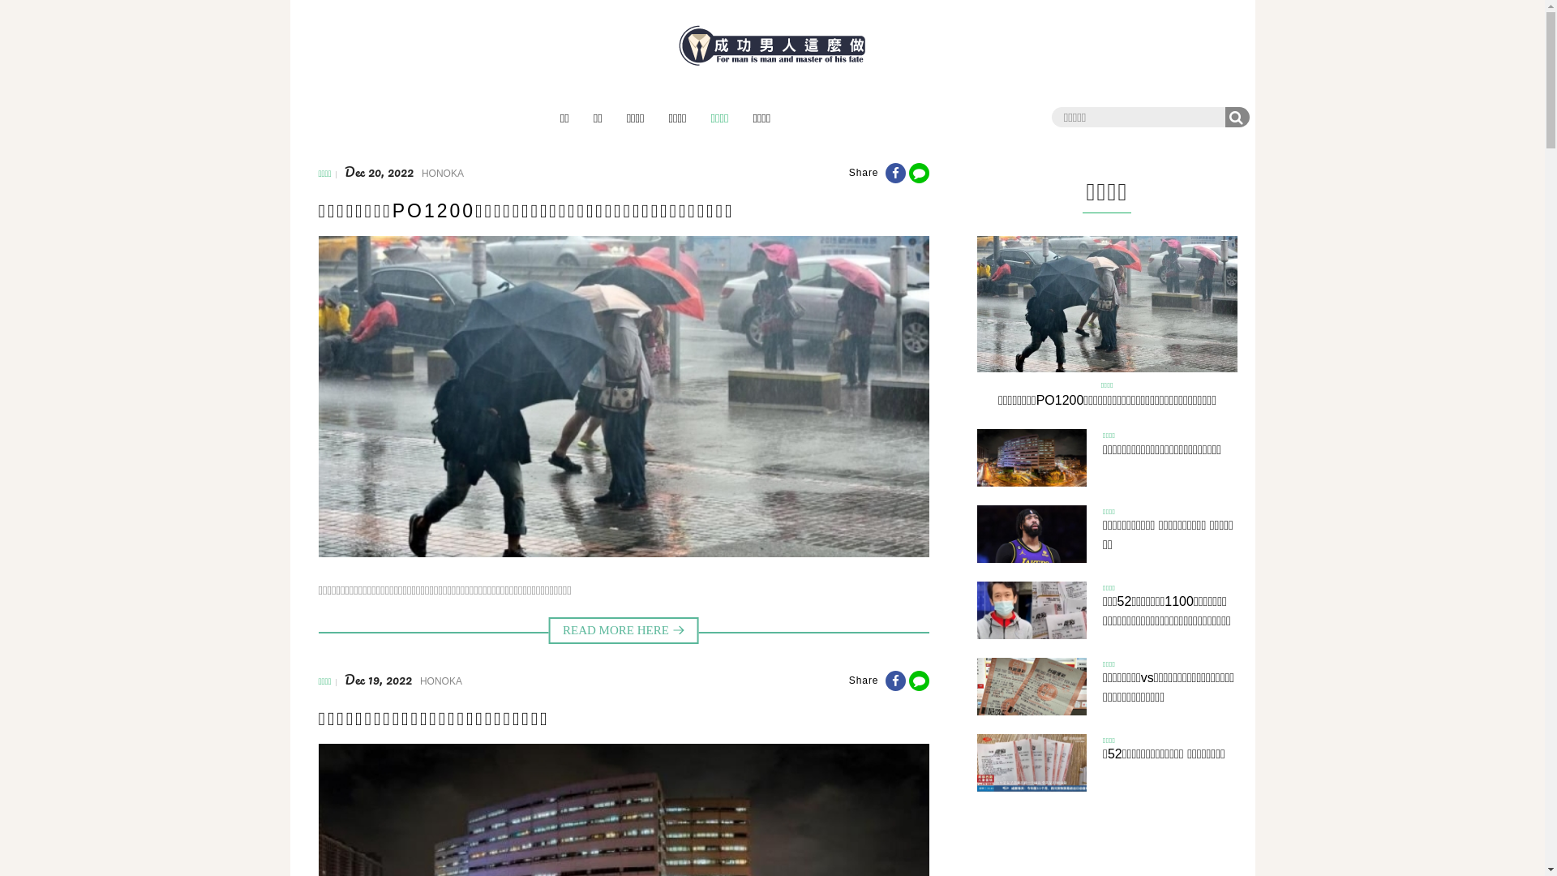  What do you see at coordinates (440, 681) in the screenshot?
I see `'HONOKA'` at bounding box center [440, 681].